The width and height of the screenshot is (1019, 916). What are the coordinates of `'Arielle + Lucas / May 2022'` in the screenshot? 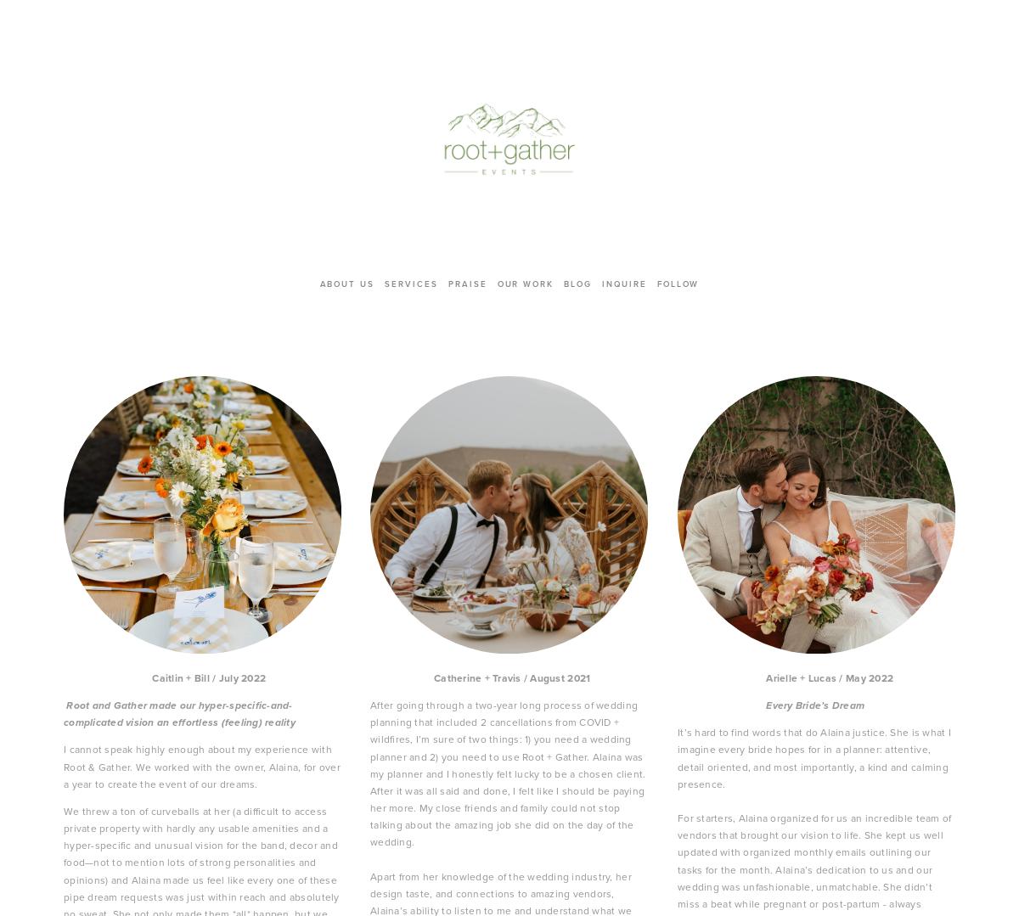 It's located at (785, 677).